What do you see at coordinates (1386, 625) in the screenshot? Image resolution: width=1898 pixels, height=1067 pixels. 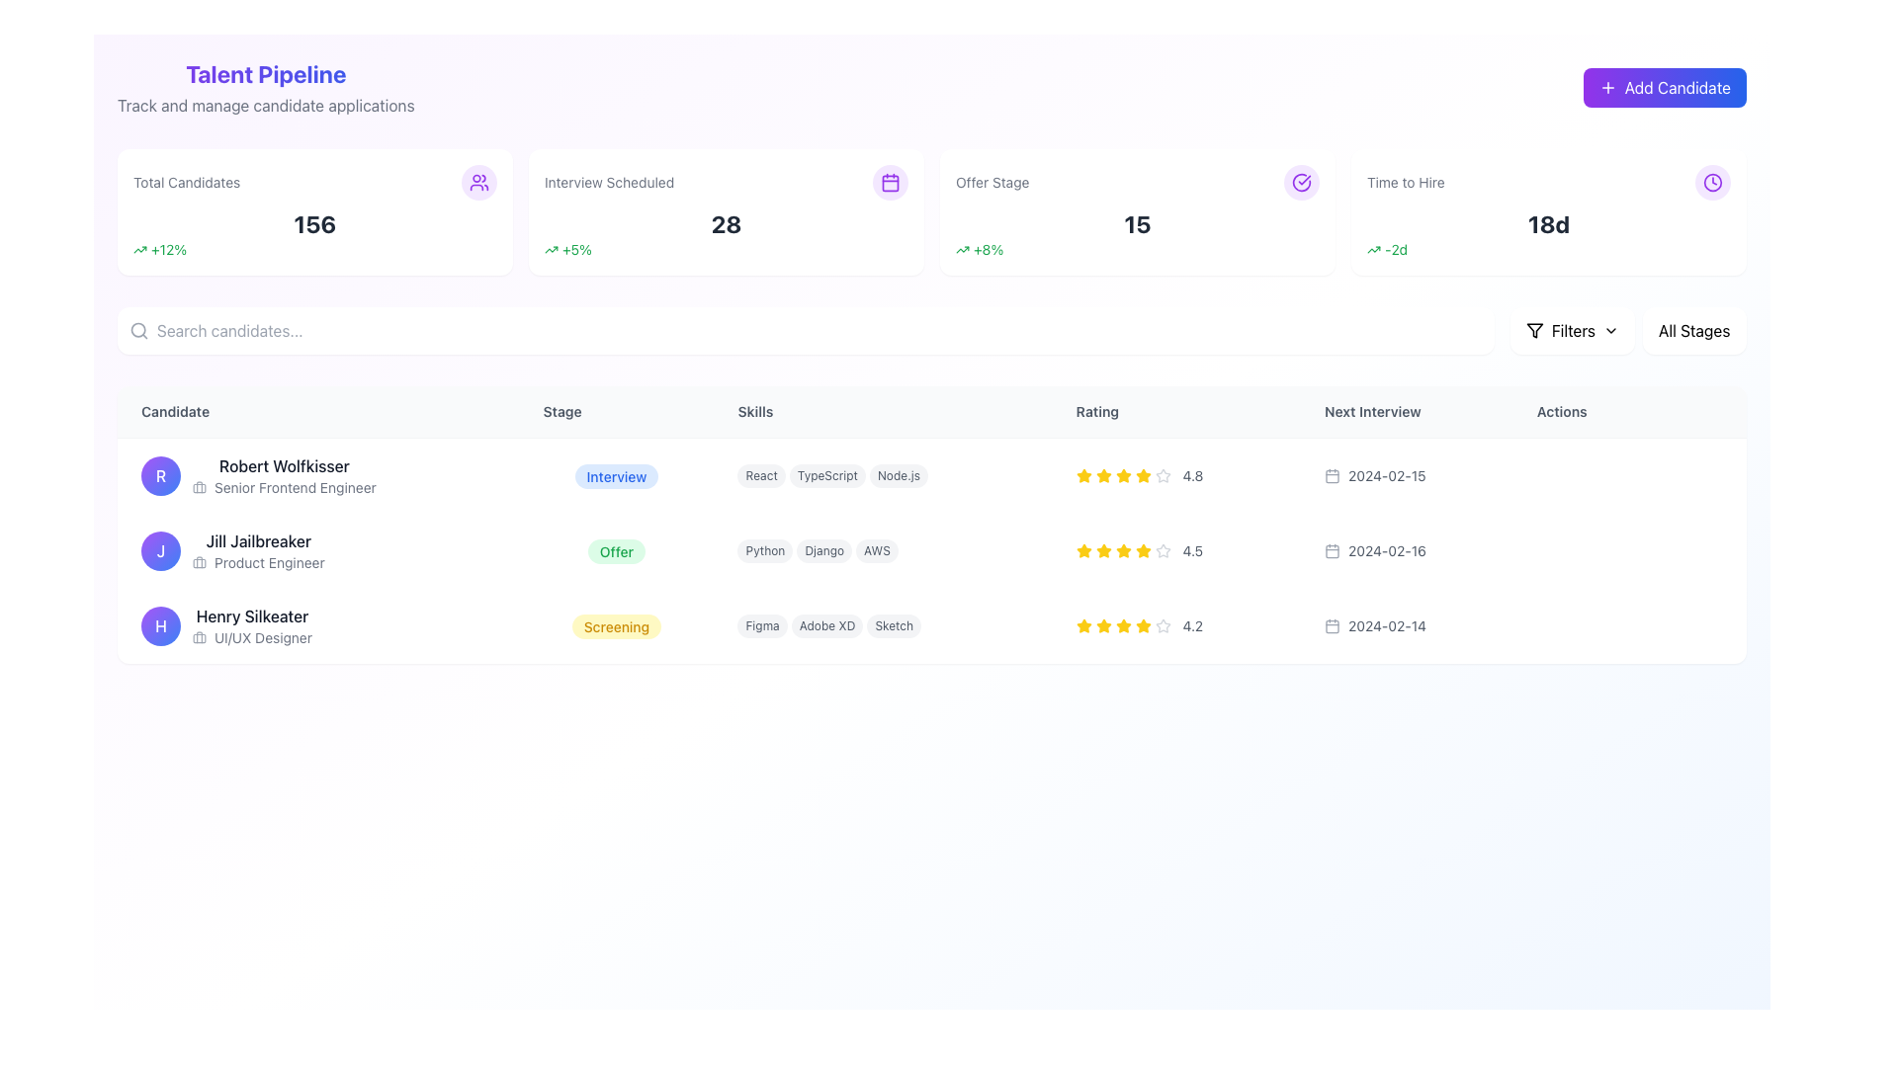 I see `the text label displaying the date of the next interview for 'Henry Silkeater' in the 'Next Interview' column of the table` at bounding box center [1386, 625].